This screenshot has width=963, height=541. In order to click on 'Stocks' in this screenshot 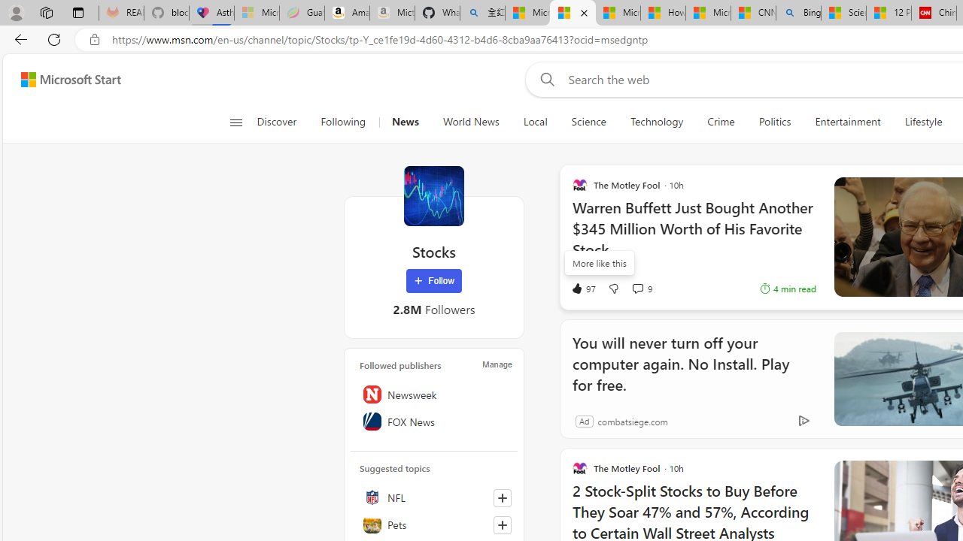, I will do `click(433, 195)`.